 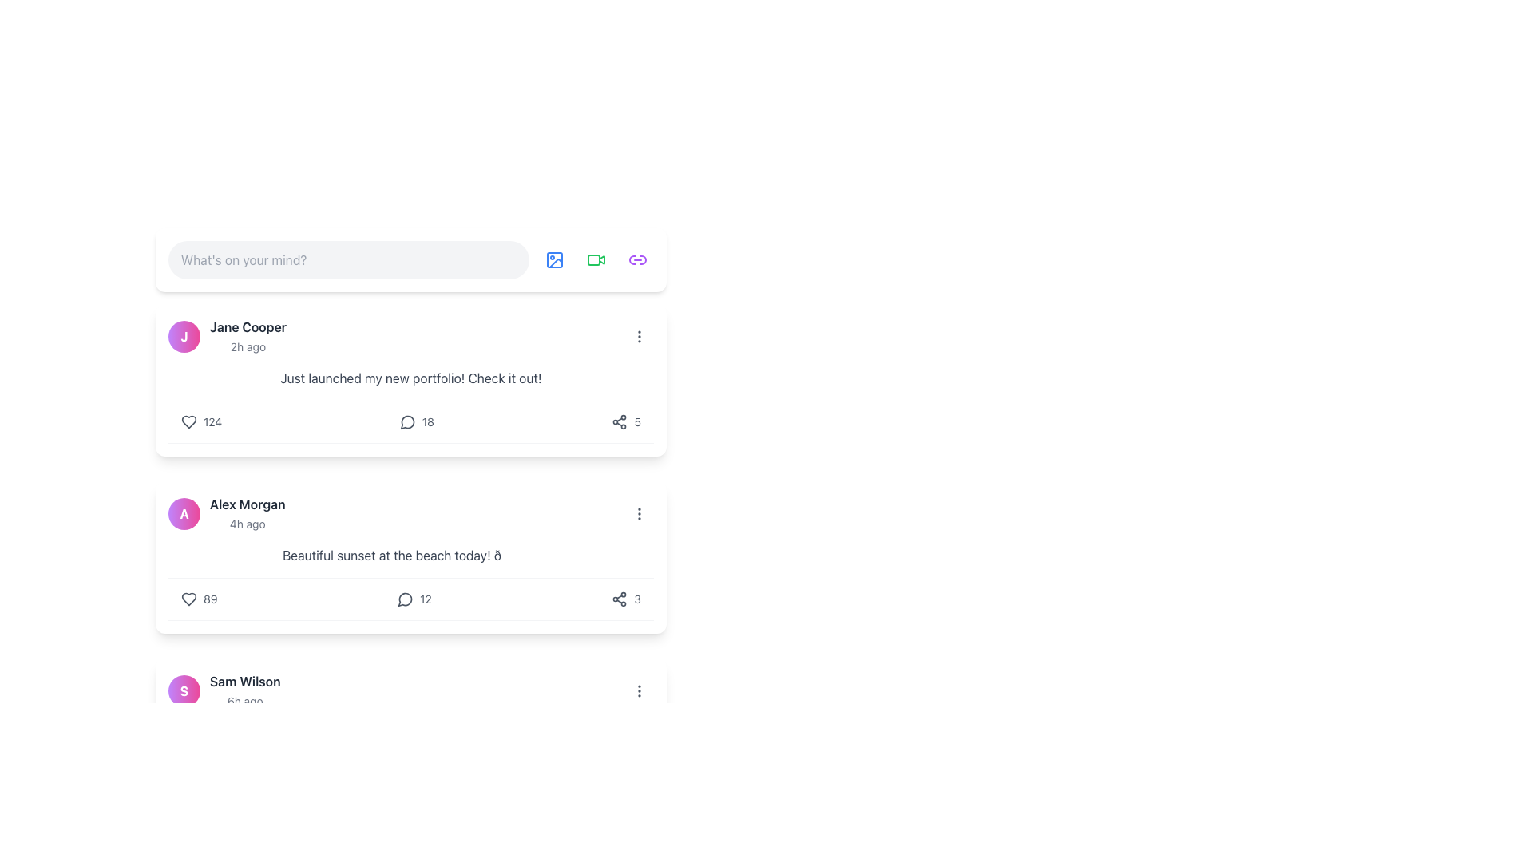 What do you see at coordinates (596, 259) in the screenshot?
I see `the video recording icon located towards the top-right corner of the interface` at bounding box center [596, 259].